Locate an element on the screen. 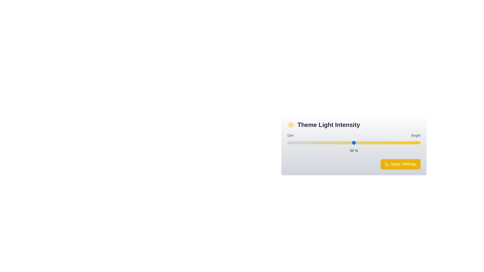 Image resolution: width=484 pixels, height=272 pixels. the 'Apply Settings' button to apply the current theme settings is located at coordinates (400, 164).